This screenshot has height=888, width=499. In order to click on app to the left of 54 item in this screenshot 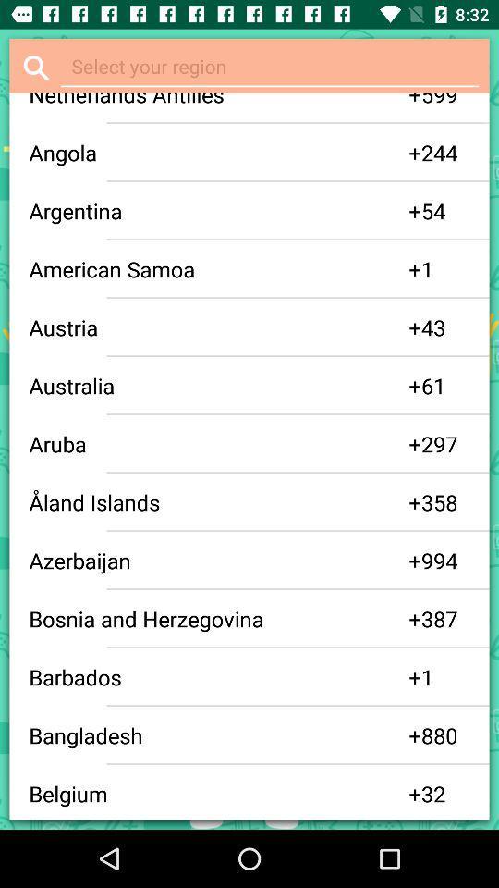, I will do `click(415, 211)`.